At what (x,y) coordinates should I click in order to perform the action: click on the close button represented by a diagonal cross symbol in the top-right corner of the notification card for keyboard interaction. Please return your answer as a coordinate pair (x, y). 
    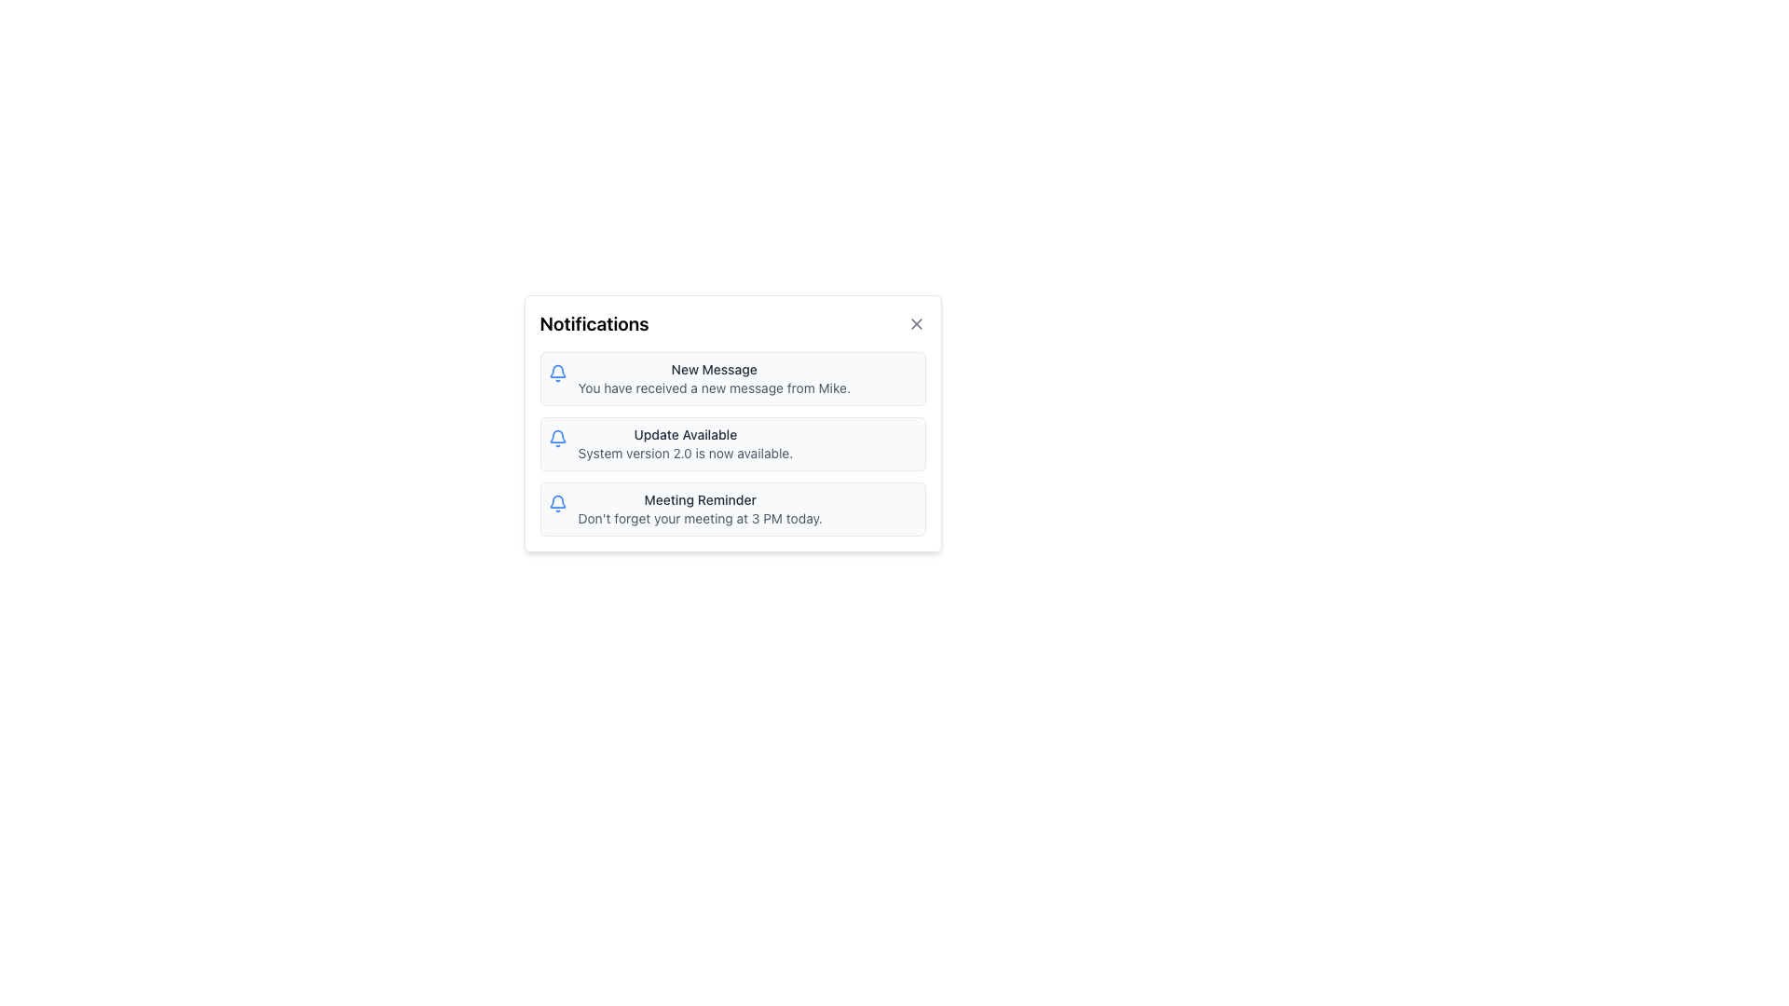
    Looking at the image, I should click on (916, 322).